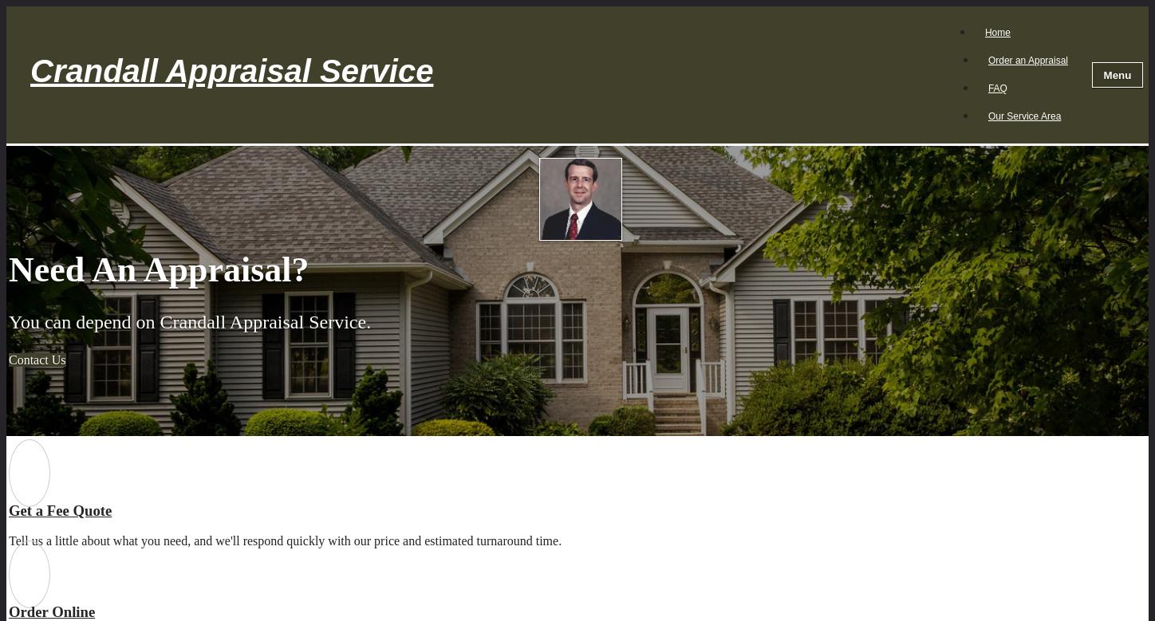  I want to click on 'Need An Appraisal?', so click(158, 269).